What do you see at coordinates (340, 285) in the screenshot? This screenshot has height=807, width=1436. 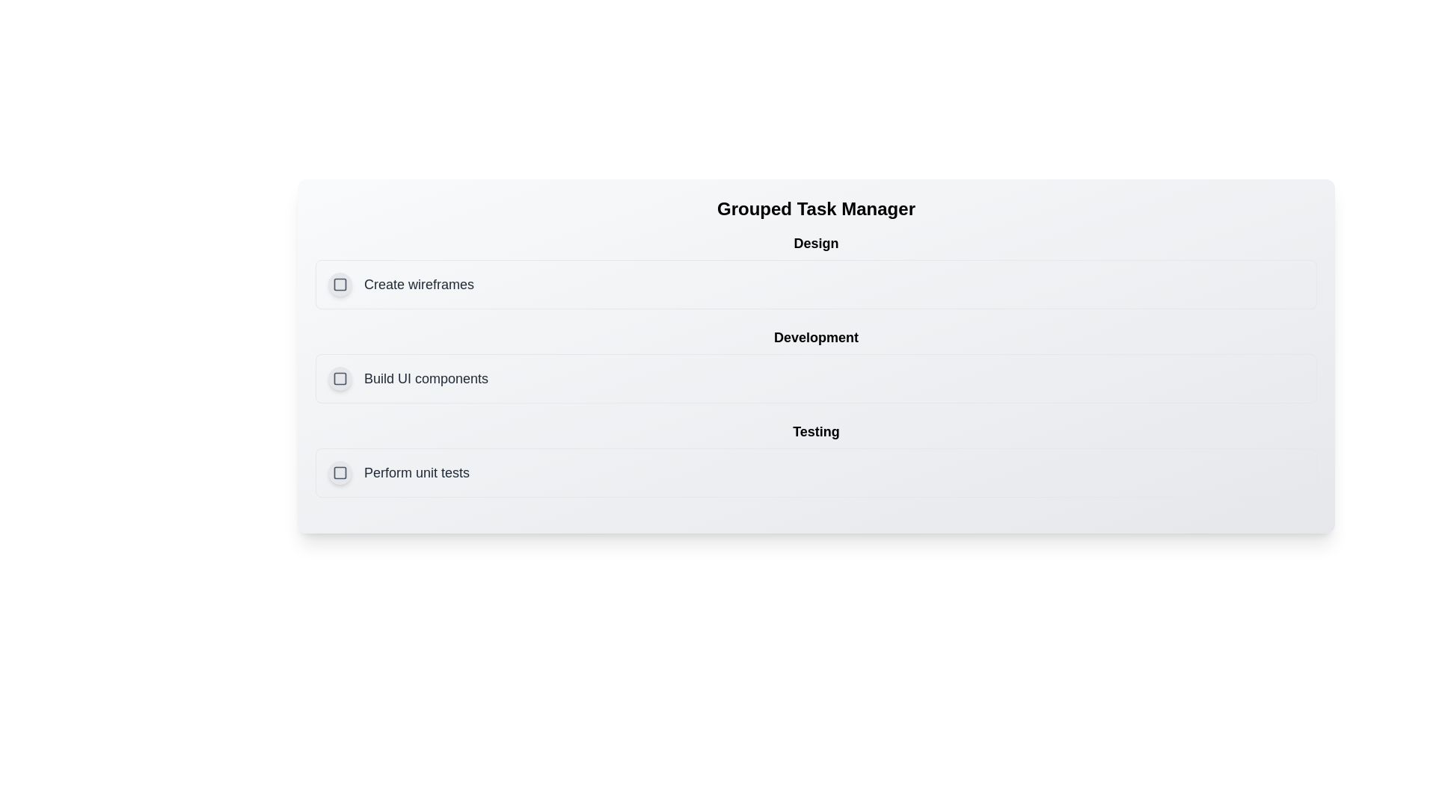 I see `the square outline icon styled as a selection indicator located at the leftmost side of the 'Create wireframes' row in the 'Design' section` at bounding box center [340, 285].